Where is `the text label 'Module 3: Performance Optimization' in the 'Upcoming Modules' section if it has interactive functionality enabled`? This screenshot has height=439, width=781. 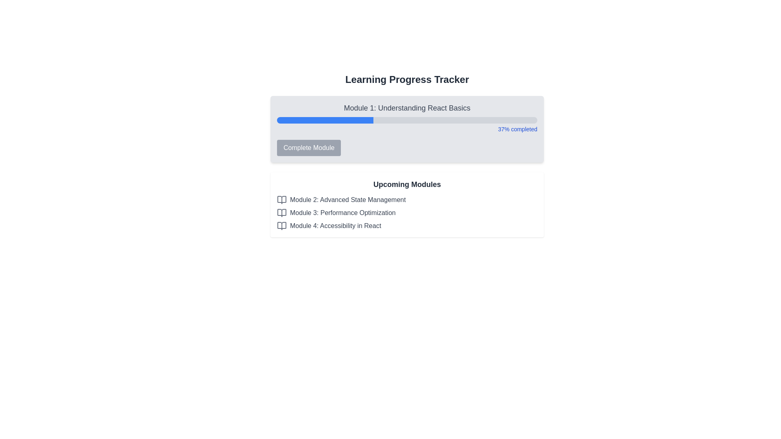 the text label 'Module 3: Performance Optimization' in the 'Upcoming Modules' section if it has interactive functionality enabled is located at coordinates (343, 213).